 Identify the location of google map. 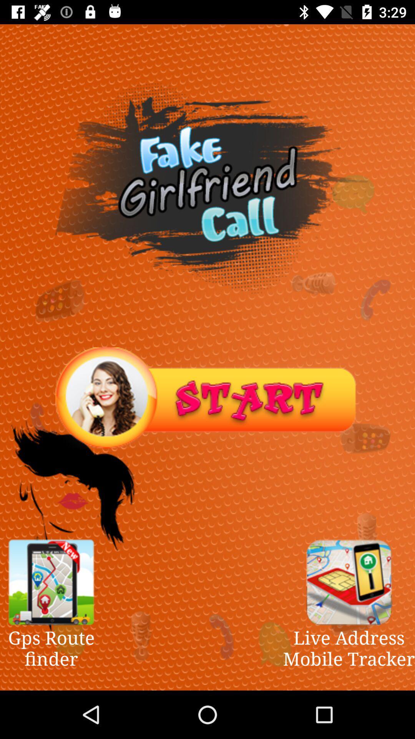
(51, 582).